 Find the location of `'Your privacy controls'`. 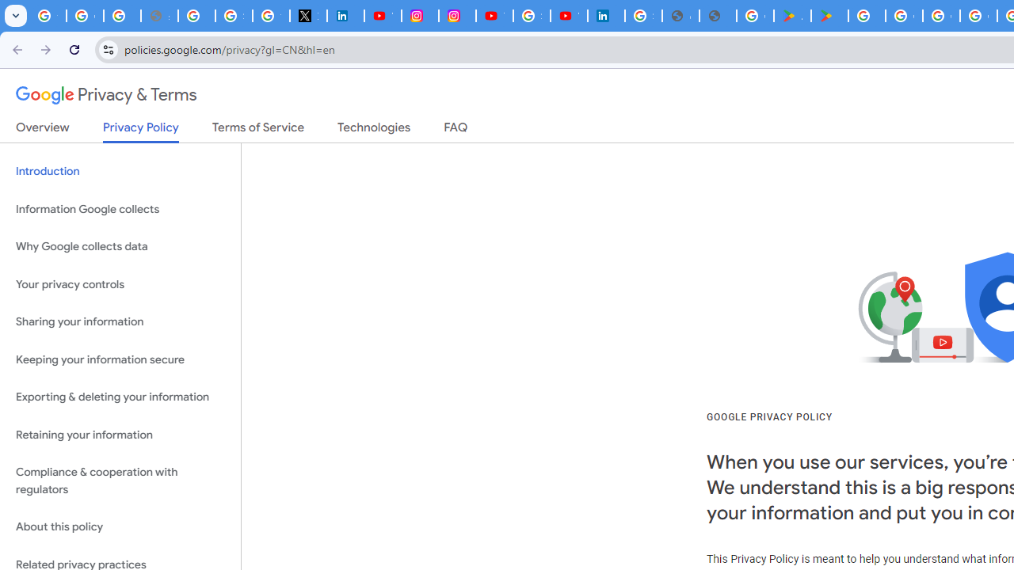

'Your privacy controls' is located at coordinates (120, 283).